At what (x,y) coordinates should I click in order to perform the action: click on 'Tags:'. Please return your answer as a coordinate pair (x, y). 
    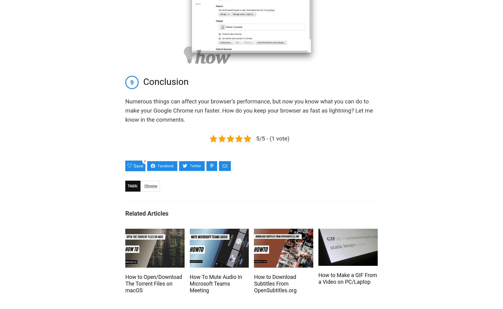
    Looking at the image, I should click on (133, 186).